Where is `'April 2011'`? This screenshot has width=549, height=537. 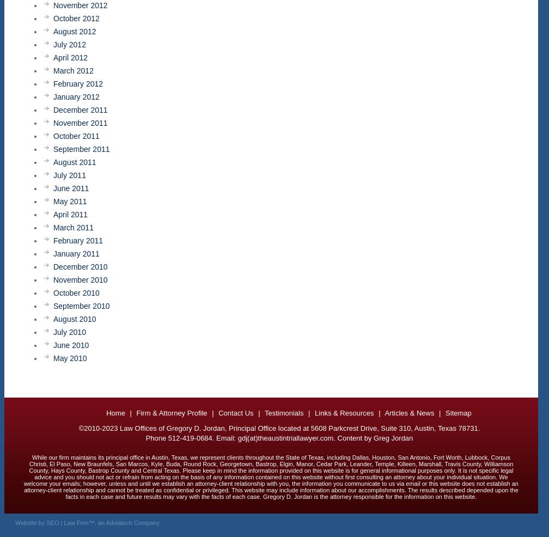
'April 2011' is located at coordinates (70, 214).